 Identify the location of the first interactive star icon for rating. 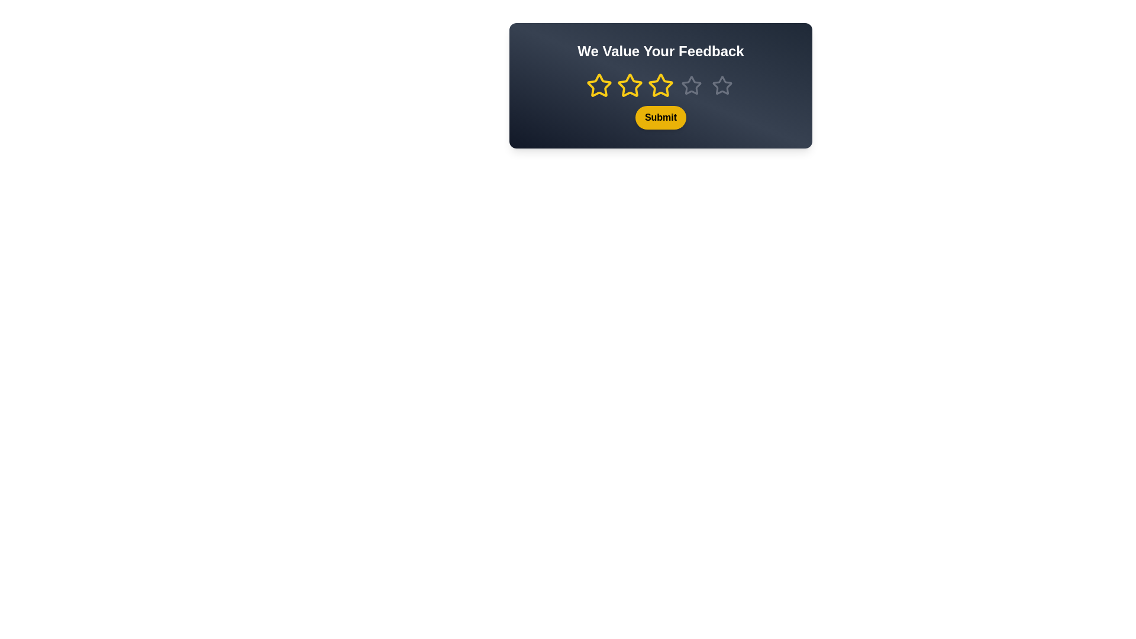
(599, 85).